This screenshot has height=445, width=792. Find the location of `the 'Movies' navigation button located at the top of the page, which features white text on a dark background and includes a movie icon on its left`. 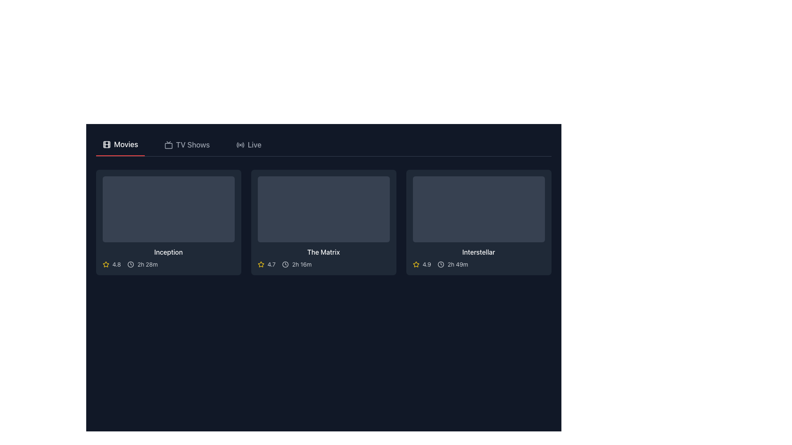

the 'Movies' navigation button located at the top of the page, which features white text on a dark background and includes a movie icon on its left is located at coordinates (120, 144).